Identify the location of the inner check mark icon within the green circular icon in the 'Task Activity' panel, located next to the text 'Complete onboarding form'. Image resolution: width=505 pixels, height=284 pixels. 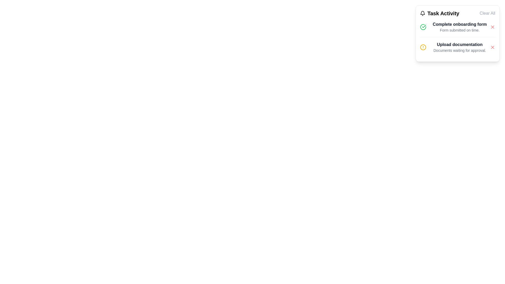
(424, 26).